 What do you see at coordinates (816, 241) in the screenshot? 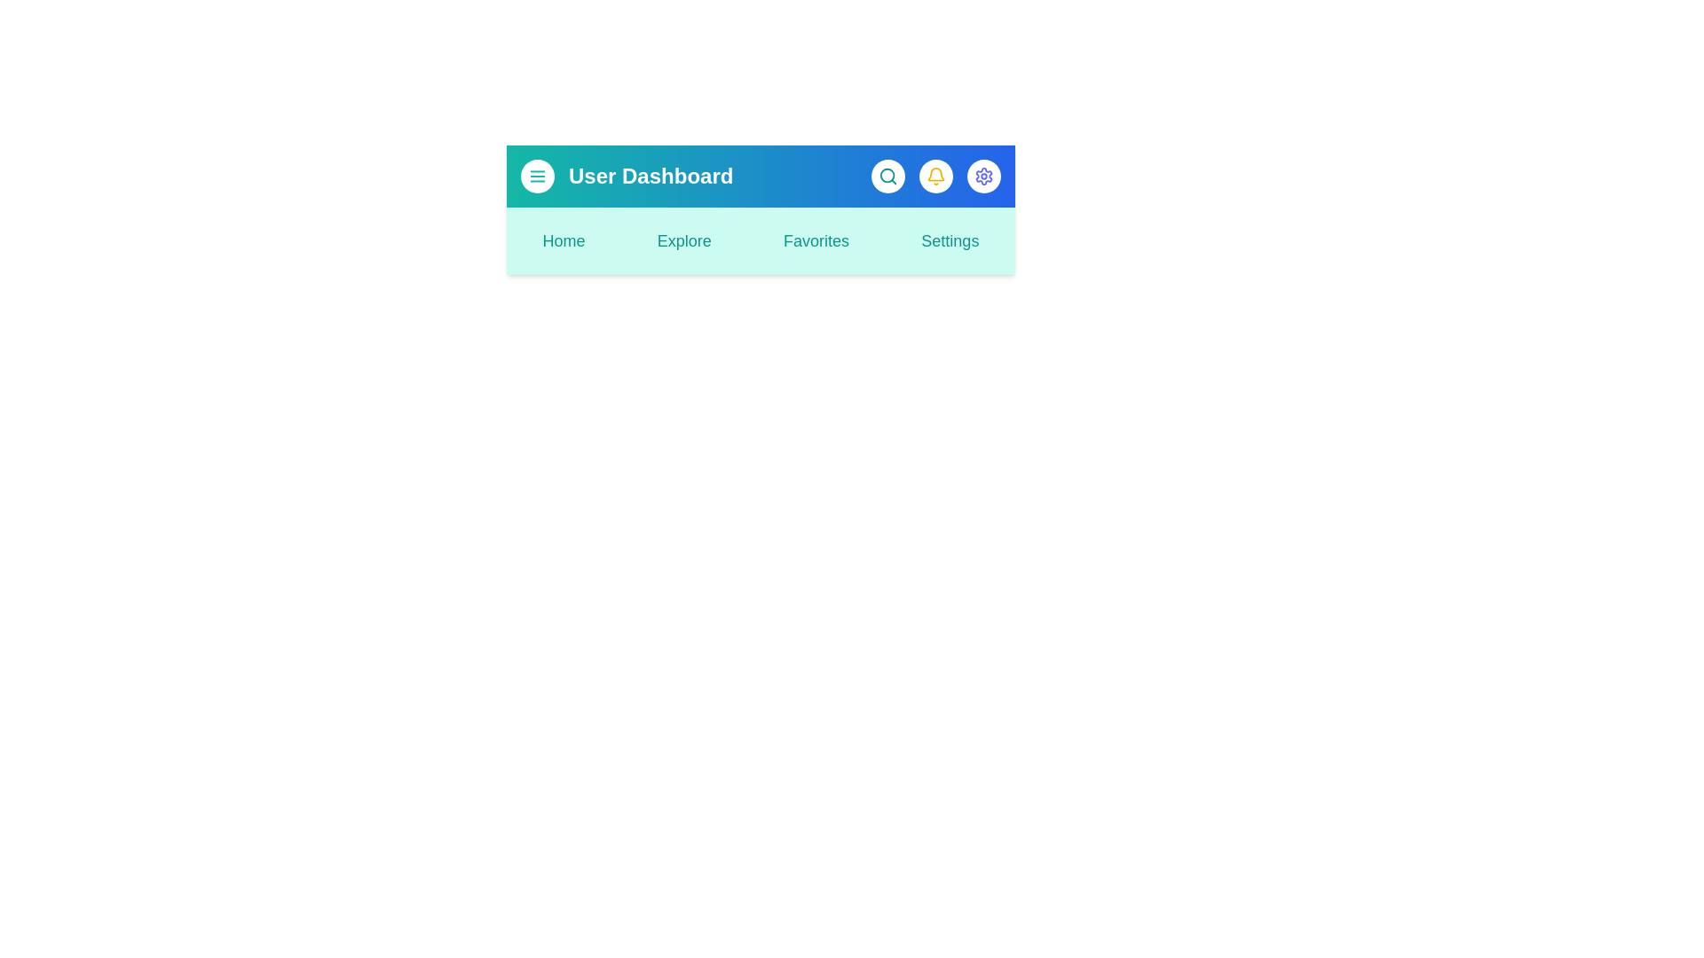
I see `the navigation link corresponding to Favorites` at bounding box center [816, 241].